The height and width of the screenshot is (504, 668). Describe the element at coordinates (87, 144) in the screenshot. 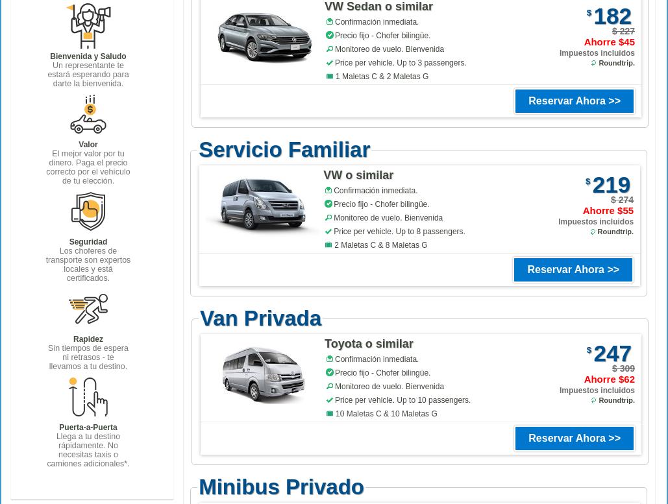

I see `'Valor'` at that location.